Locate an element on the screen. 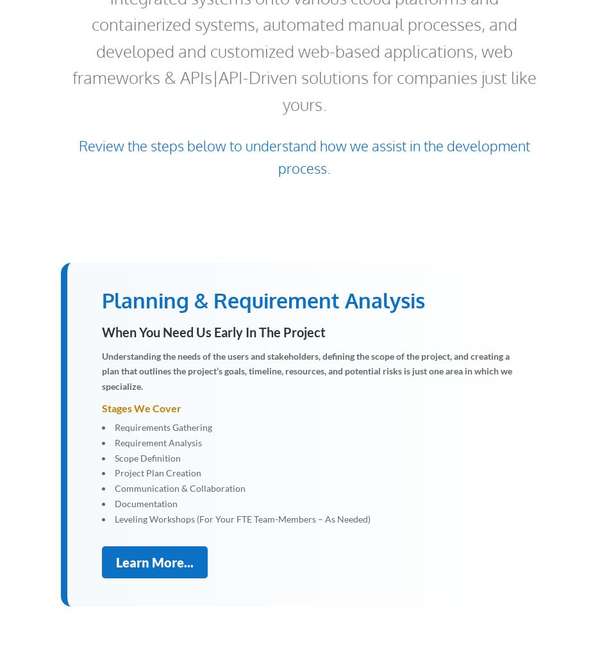 This screenshot has width=609, height=663. 'Stages We Cover' is located at coordinates (141, 408).